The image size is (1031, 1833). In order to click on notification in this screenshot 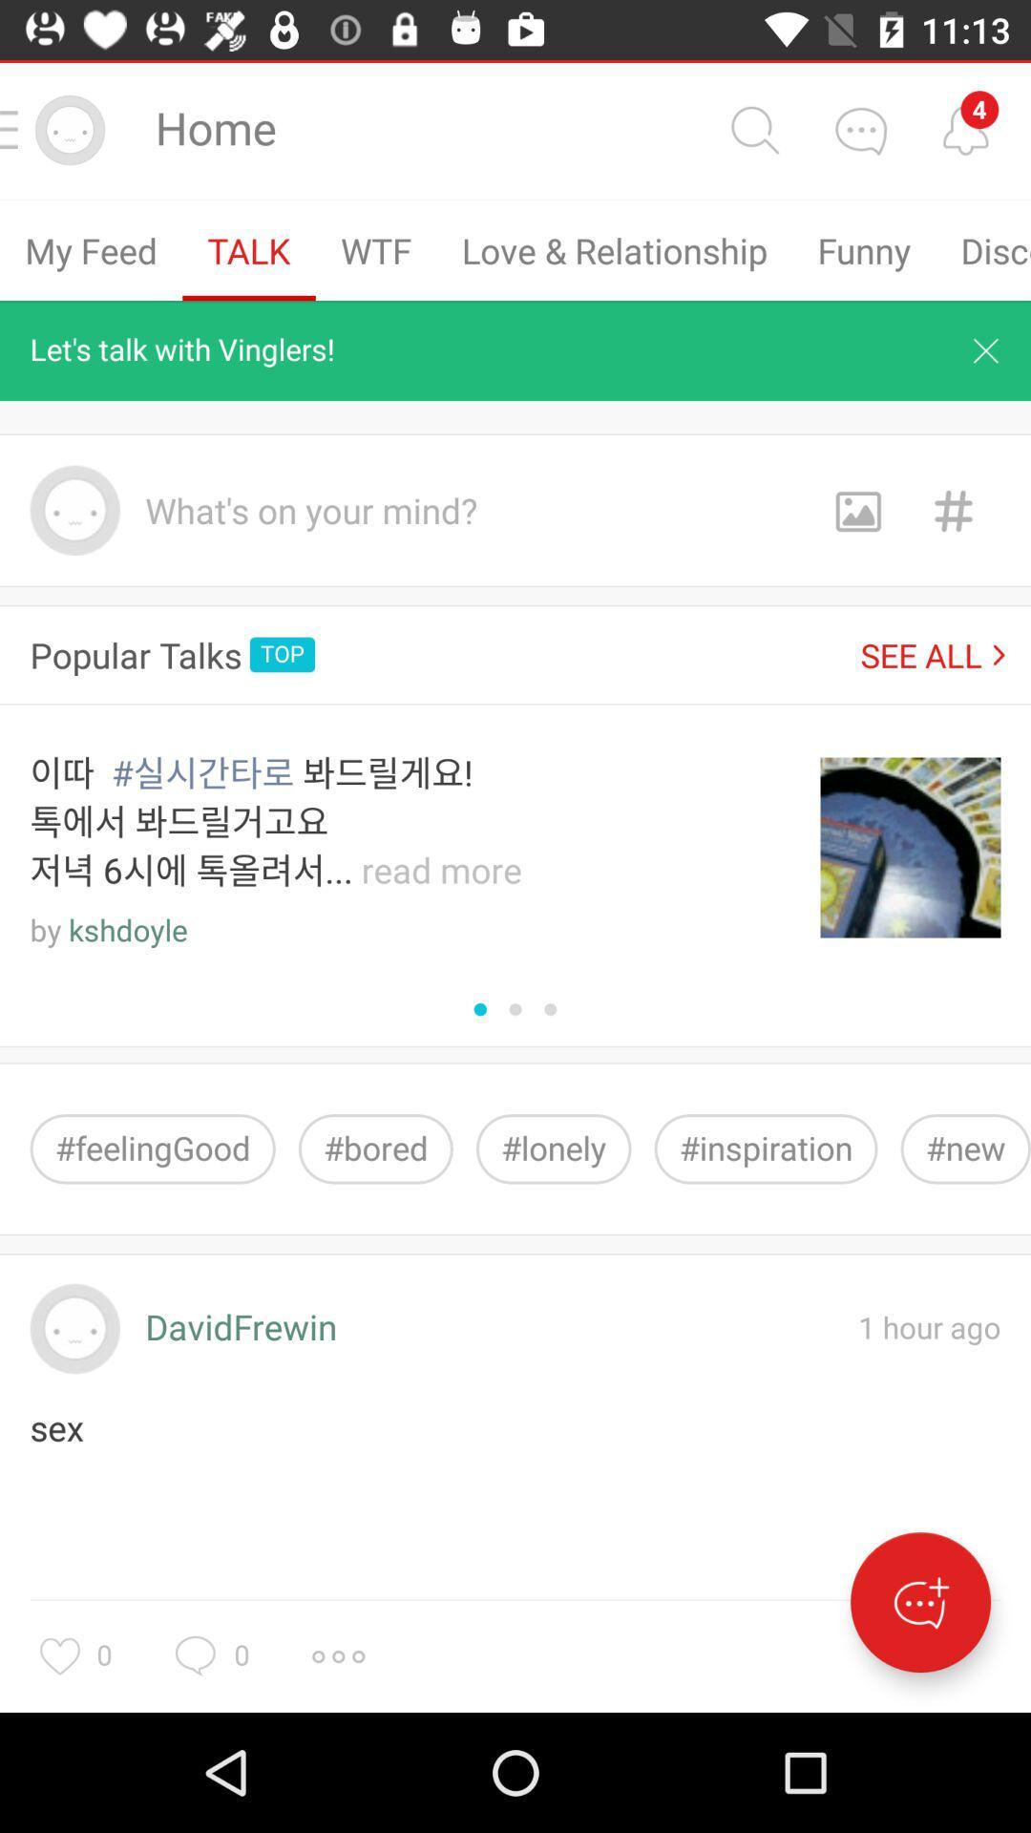, I will do `click(985, 350)`.